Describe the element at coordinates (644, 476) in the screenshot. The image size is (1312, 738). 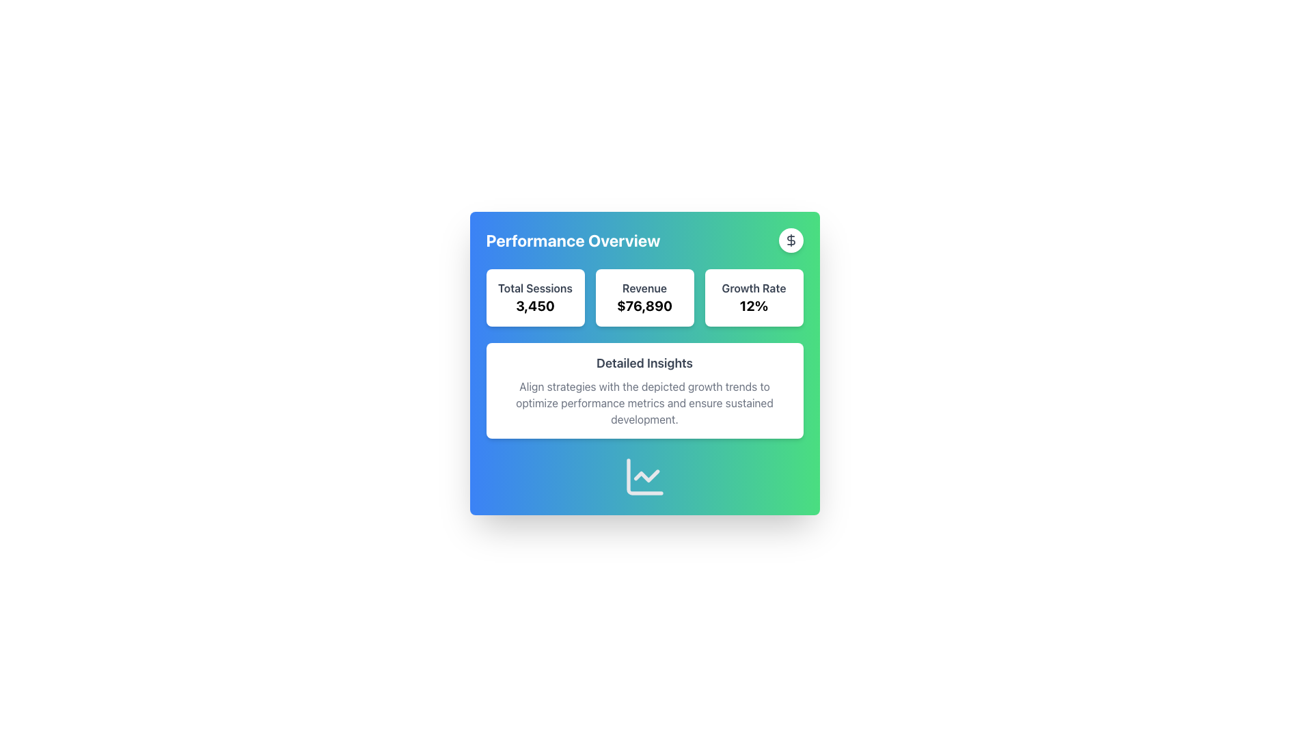
I see `the SVG icon that represents a data chart or graph, located underneath the 'Detailed Insights' section, centered within the card layout` at that location.